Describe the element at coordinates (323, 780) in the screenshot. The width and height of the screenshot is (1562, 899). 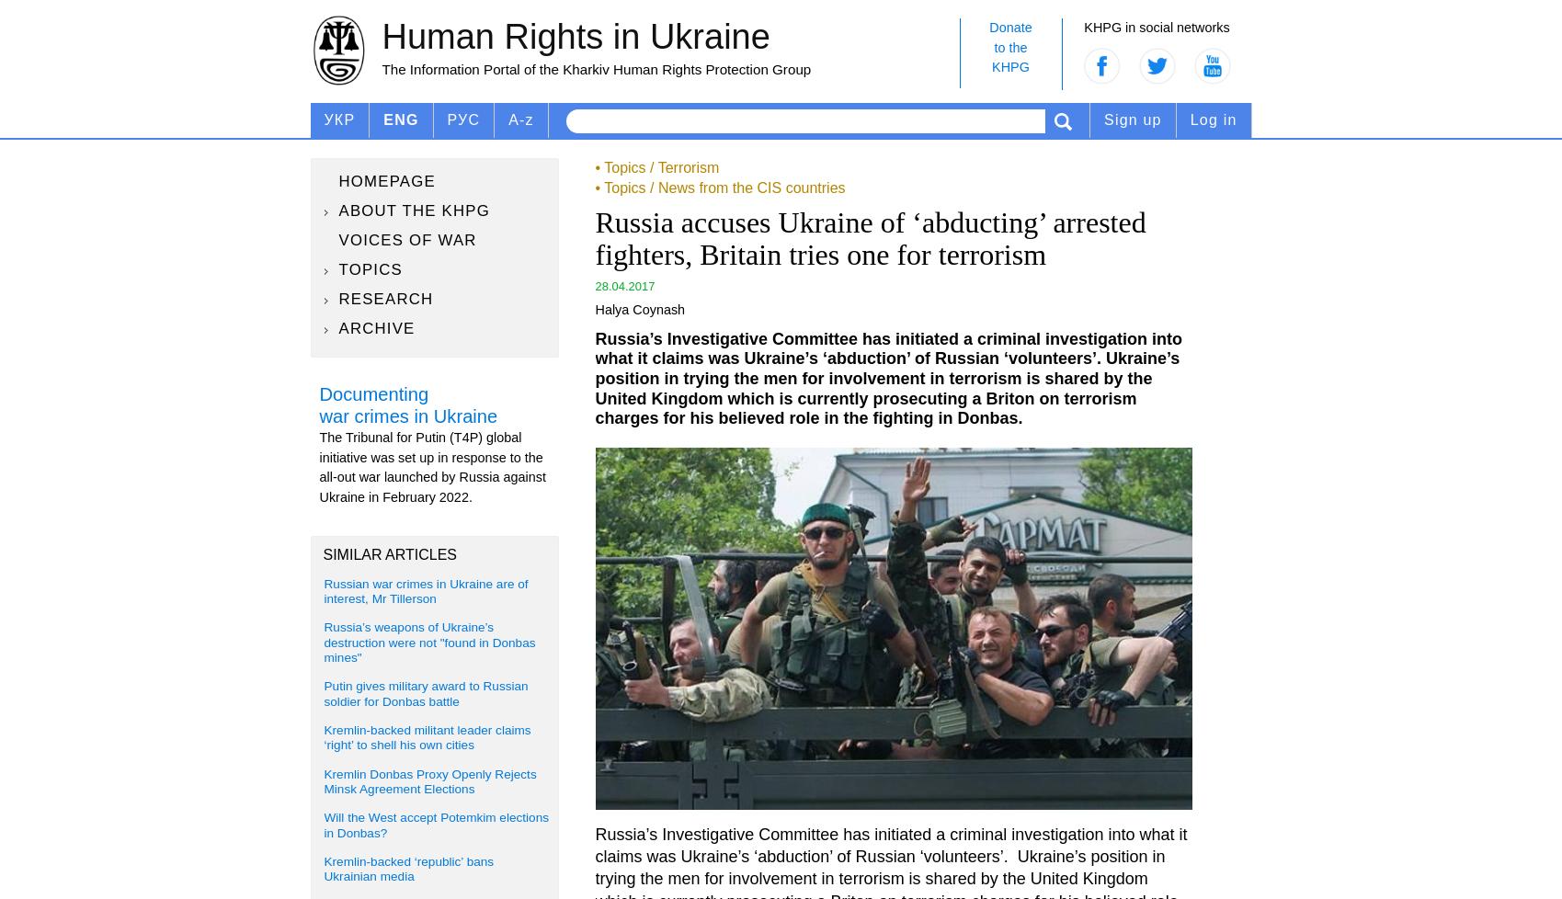
I see `'Kremlin Donbas Proxy Openly Rejects Minsk Agreement Elections'` at that location.